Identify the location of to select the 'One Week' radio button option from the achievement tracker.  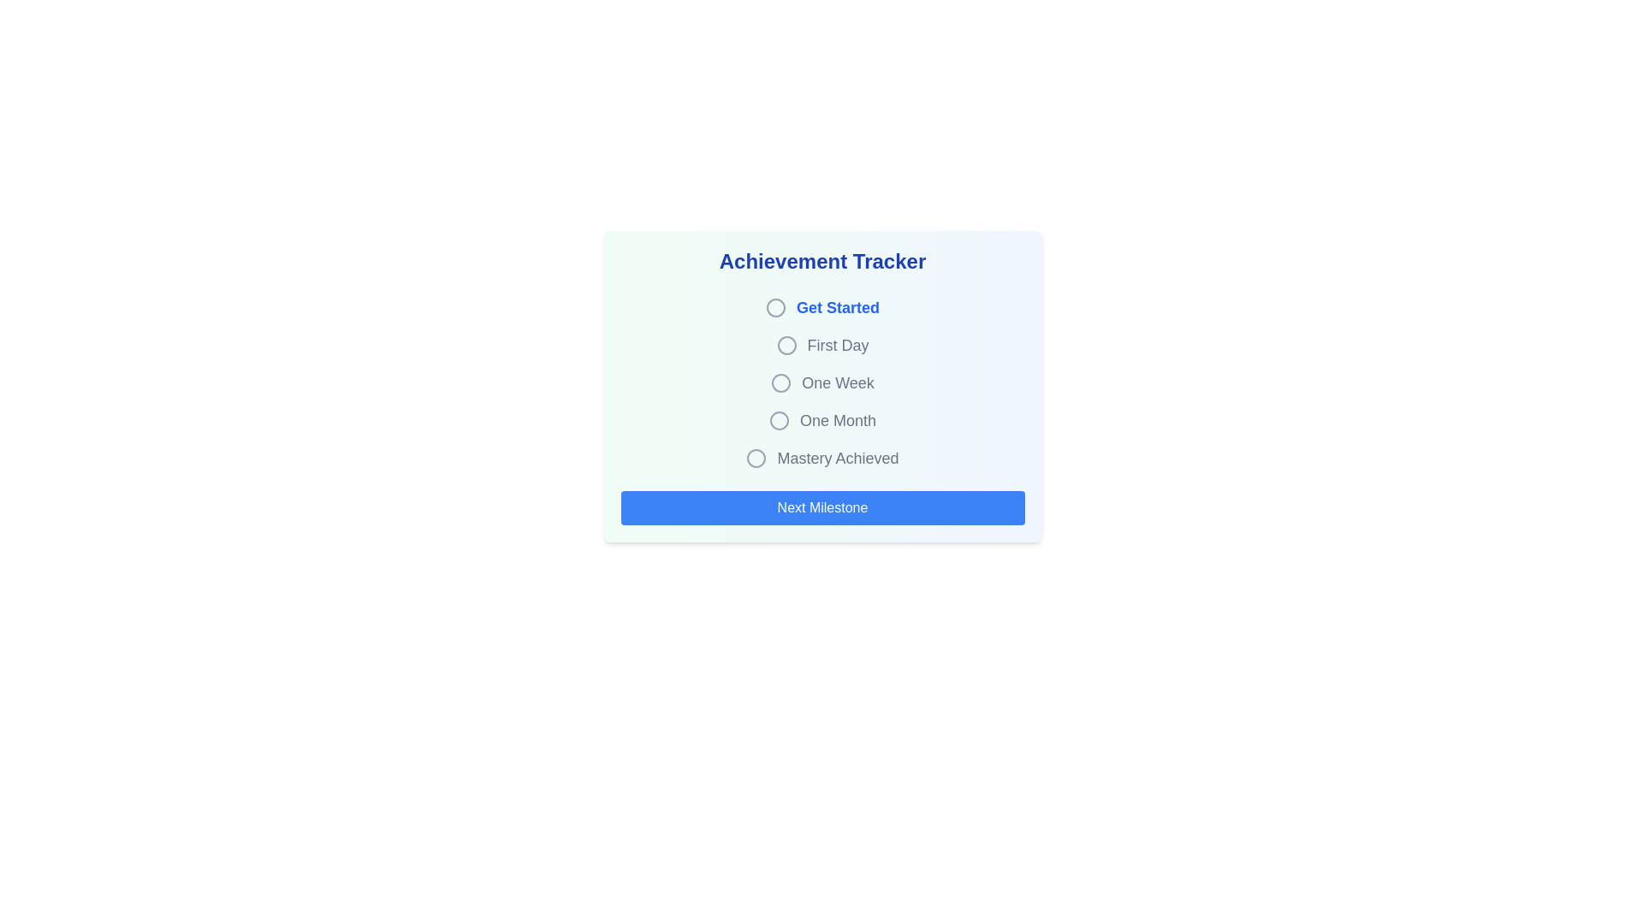
(780, 382).